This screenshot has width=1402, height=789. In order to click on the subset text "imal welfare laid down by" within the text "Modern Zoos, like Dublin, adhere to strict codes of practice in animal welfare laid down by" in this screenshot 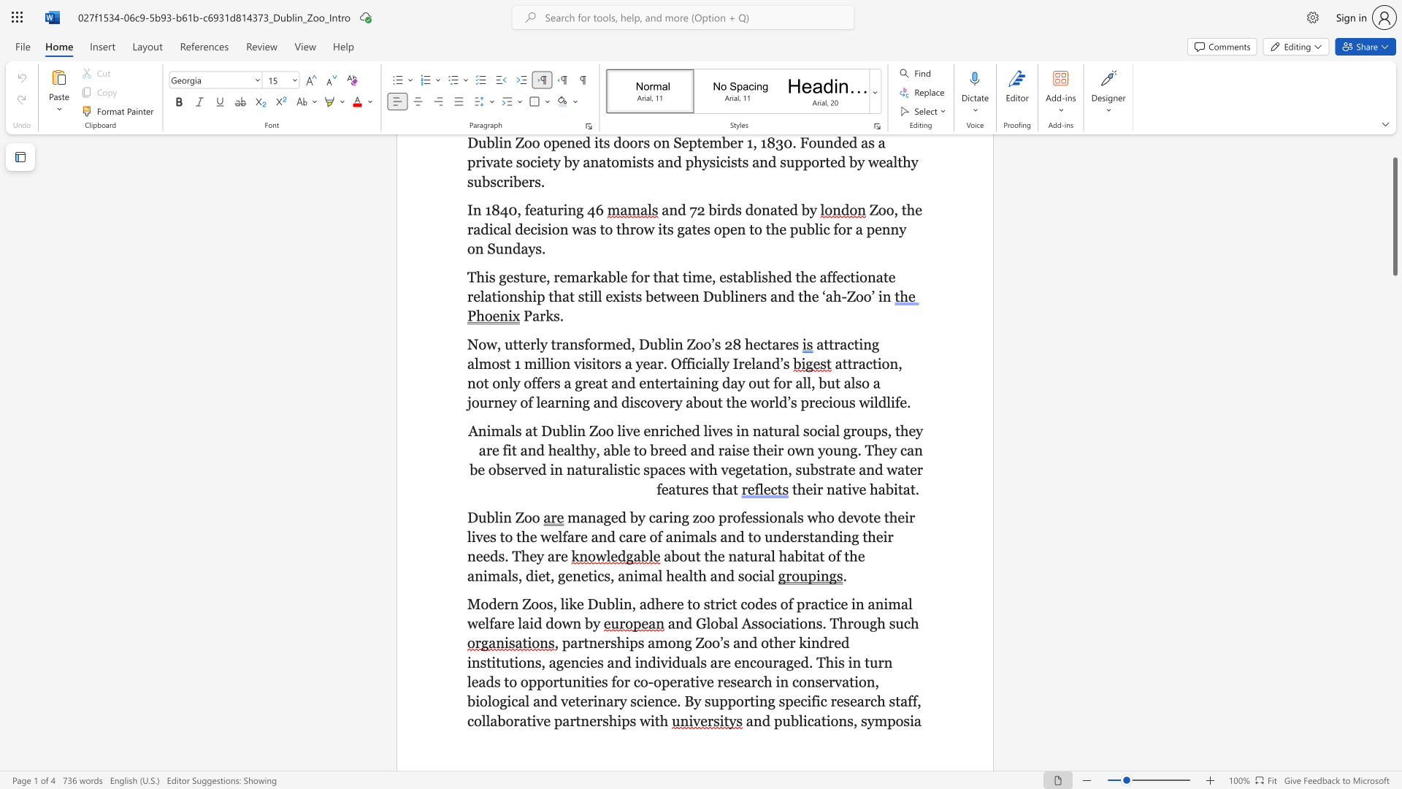, I will do `click(883, 603)`.